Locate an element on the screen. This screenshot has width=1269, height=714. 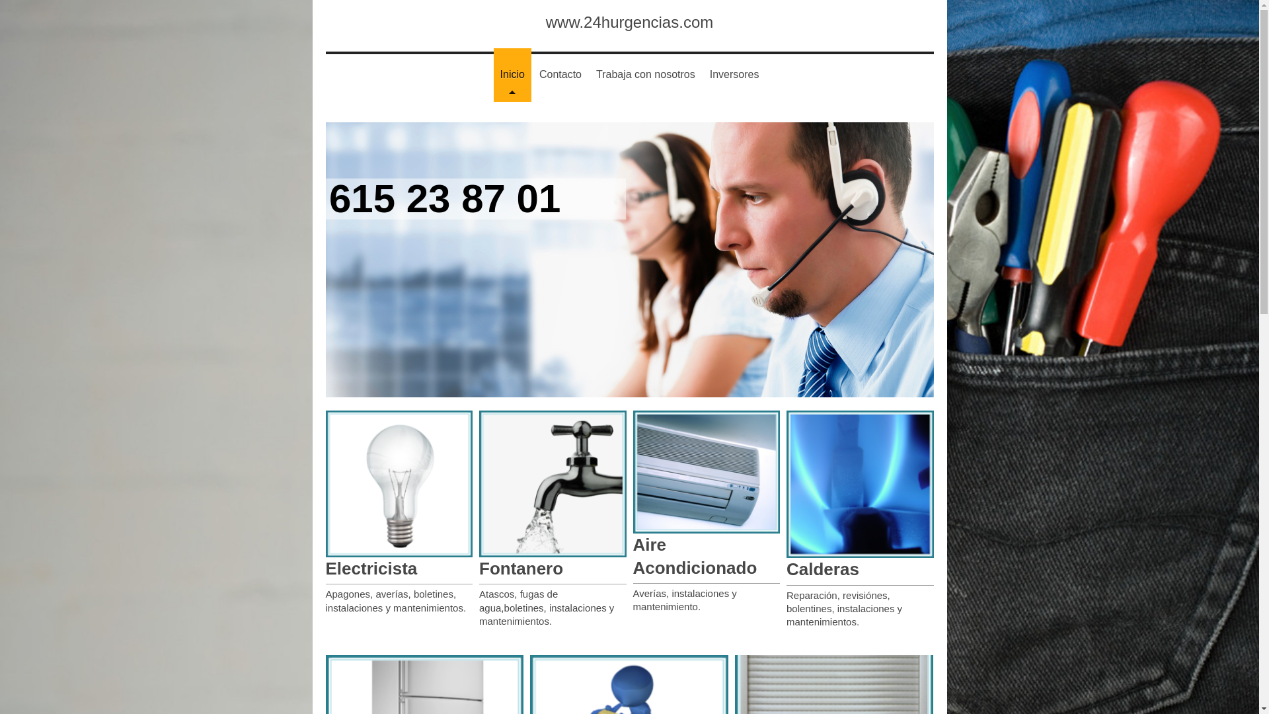
'Contacto' is located at coordinates (533, 75).